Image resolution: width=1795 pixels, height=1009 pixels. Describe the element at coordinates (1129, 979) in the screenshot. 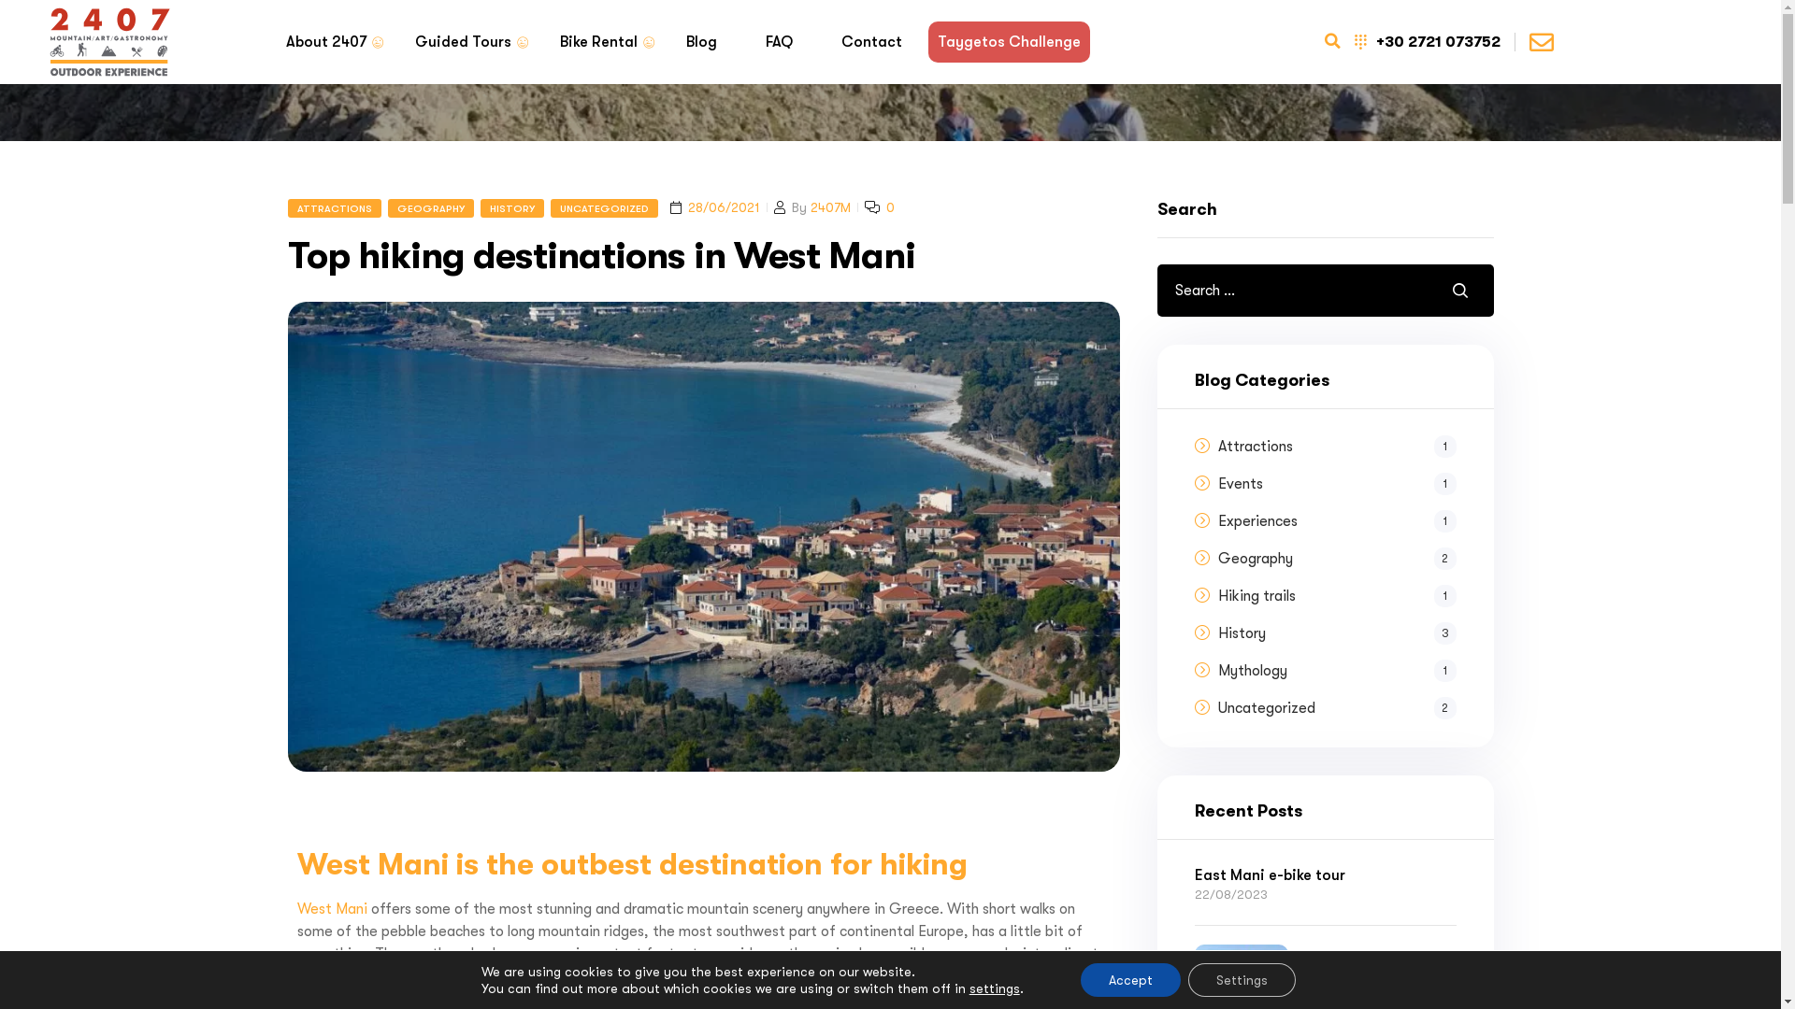

I see `'Accept'` at that location.